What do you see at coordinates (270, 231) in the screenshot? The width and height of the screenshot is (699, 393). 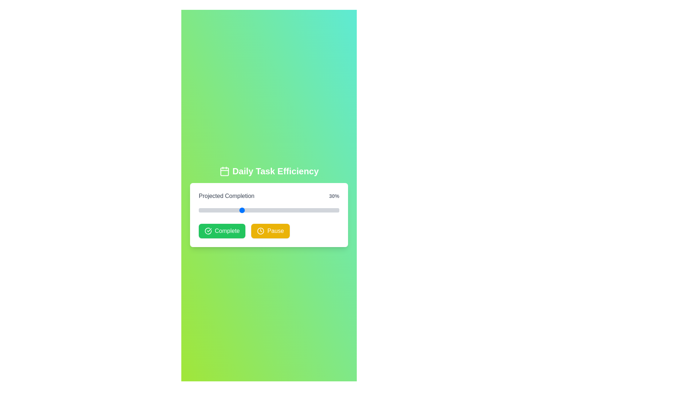 I see `'Pause' button to pause the task` at bounding box center [270, 231].